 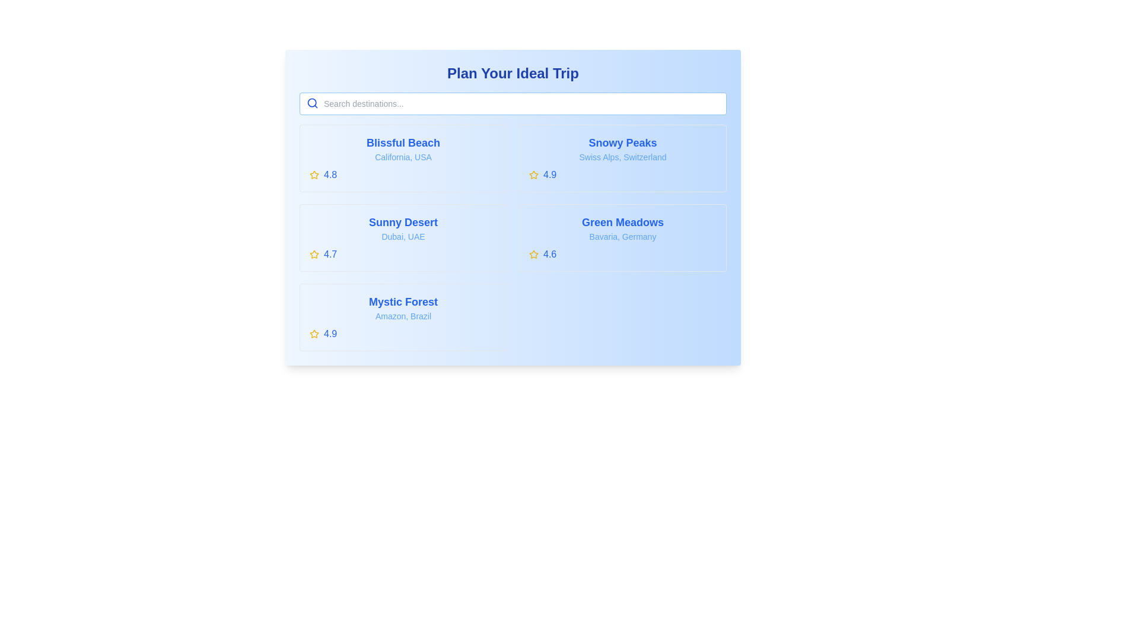 I want to click on numeric rating '4.8' styled in a bold blue font, which is positioned directly to the right of a star icon on the 'Blissful Beach' card, so click(x=330, y=174).